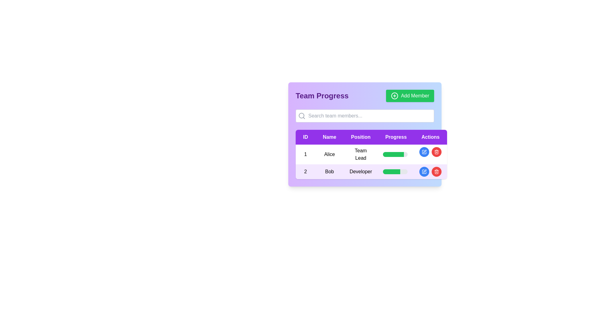 The image size is (592, 333). What do you see at coordinates (424, 152) in the screenshot?
I see `the icon button resembling a square with a pen, located within a circular blue button in the 'Actions' column of the table` at bounding box center [424, 152].